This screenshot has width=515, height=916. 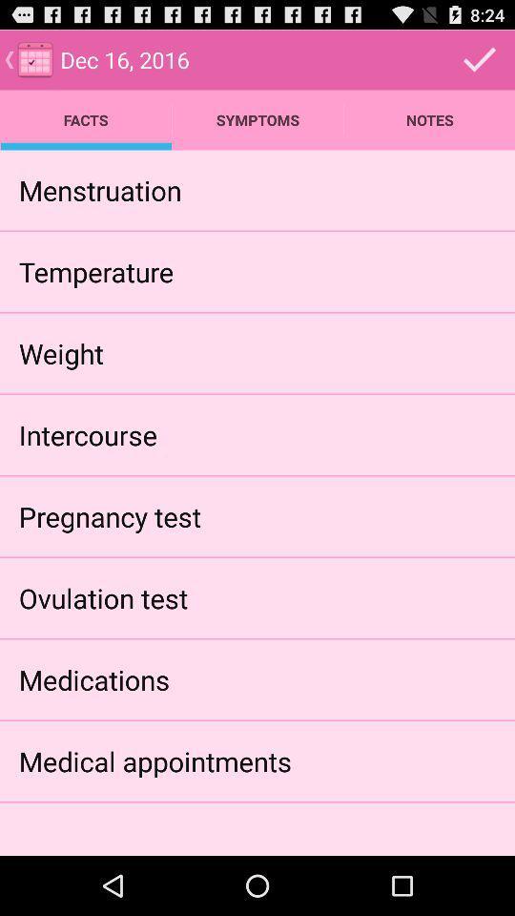 I want to click on intercourse app, so click(x=87, y=434).